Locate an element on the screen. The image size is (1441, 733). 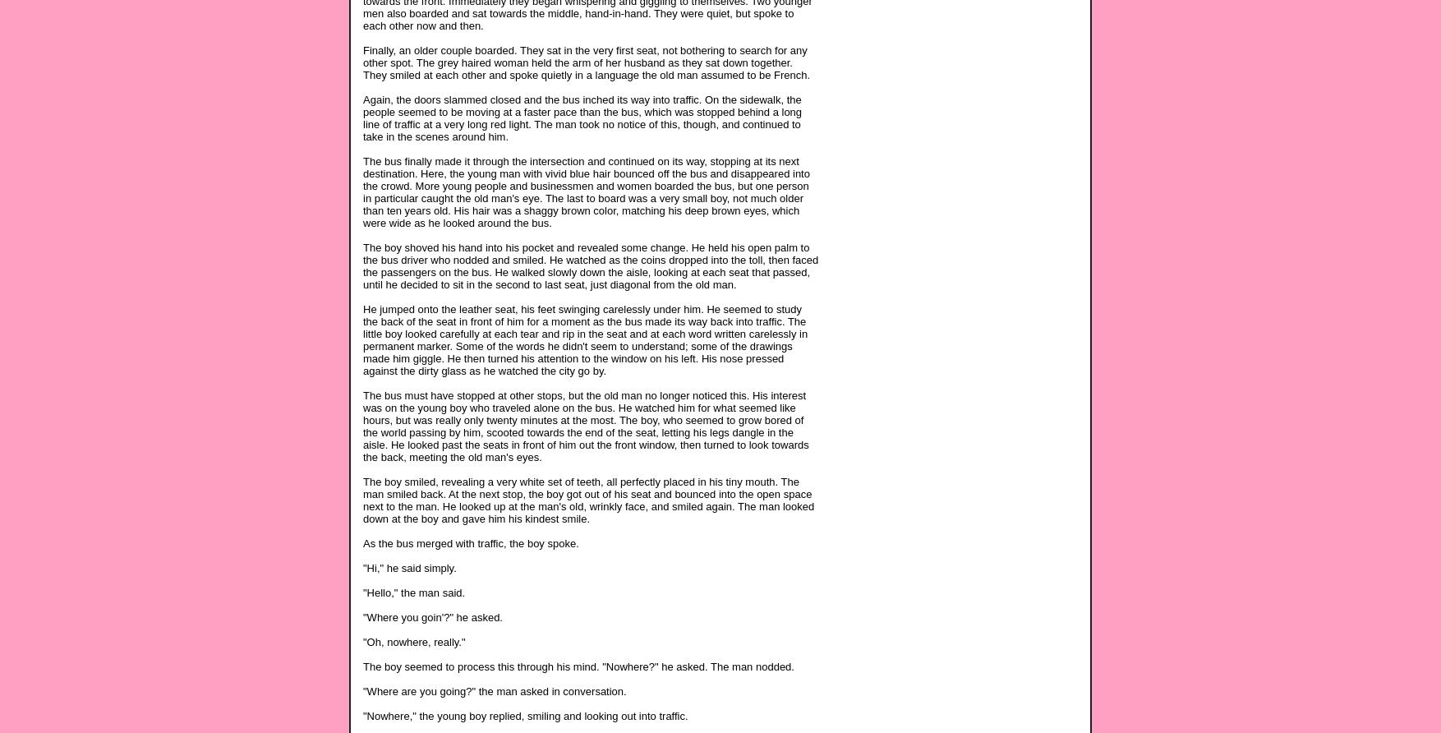
'"Oh, nowhere, really."' is located at coordinates (412, 641).